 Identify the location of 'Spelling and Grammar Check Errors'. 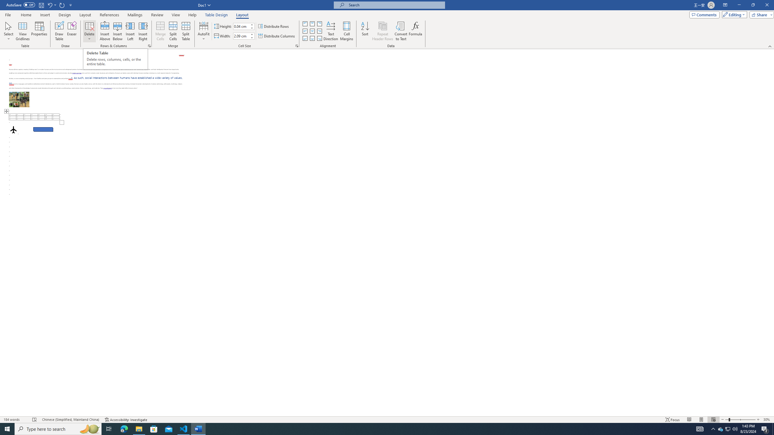
(34, 420).